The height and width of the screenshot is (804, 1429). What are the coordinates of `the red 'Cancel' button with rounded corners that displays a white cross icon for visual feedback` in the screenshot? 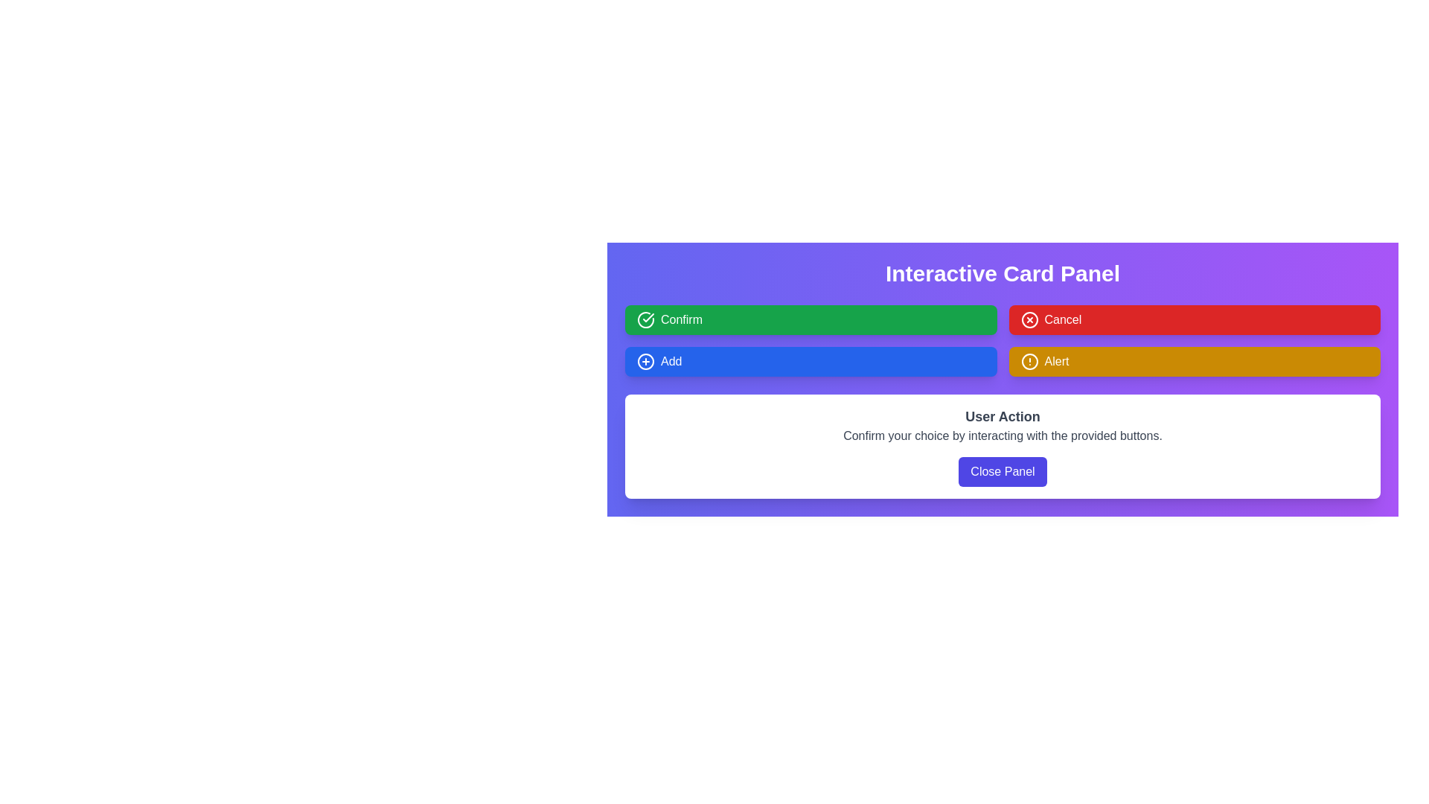 It's located at (1195, 319).